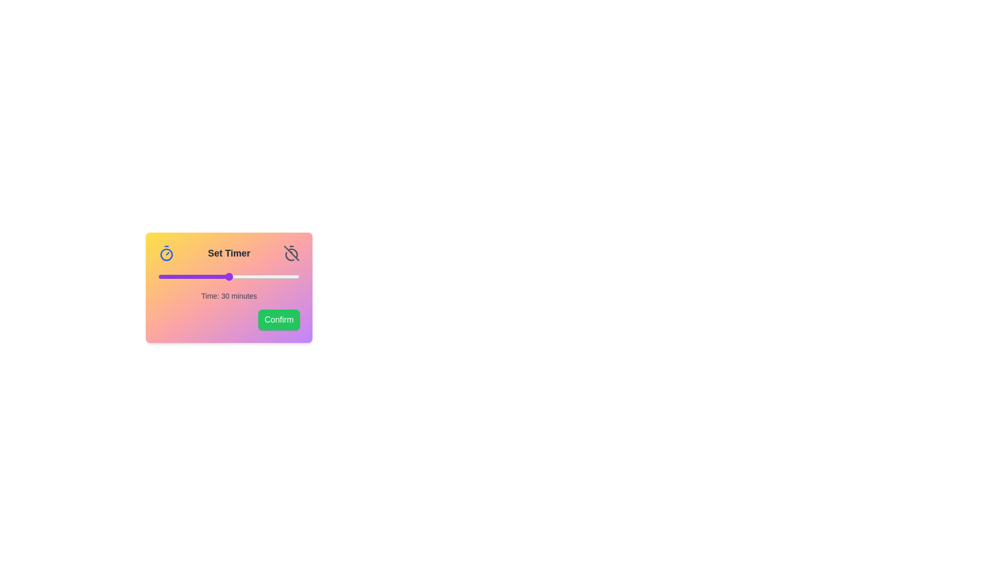 The image size is (1000, 562). Describe the element at coordinates (245, 276) in the screenshot. I see `the slider to the desired time value 37 minutes` at that location.